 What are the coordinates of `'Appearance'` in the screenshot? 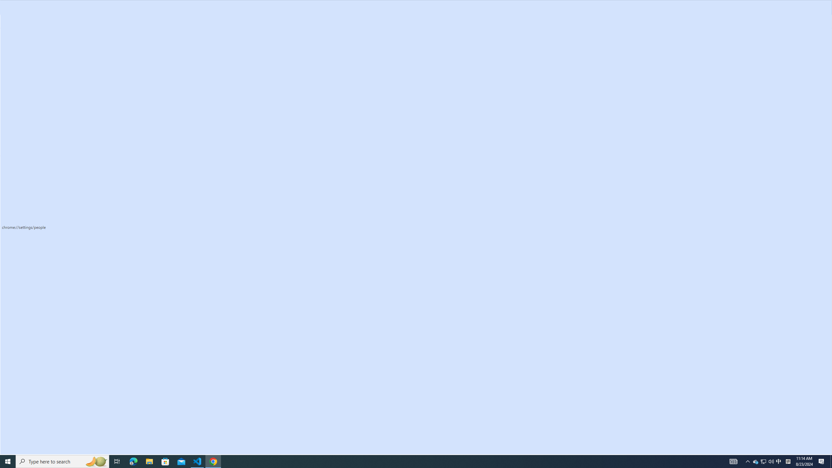 It's located at (40, 107).